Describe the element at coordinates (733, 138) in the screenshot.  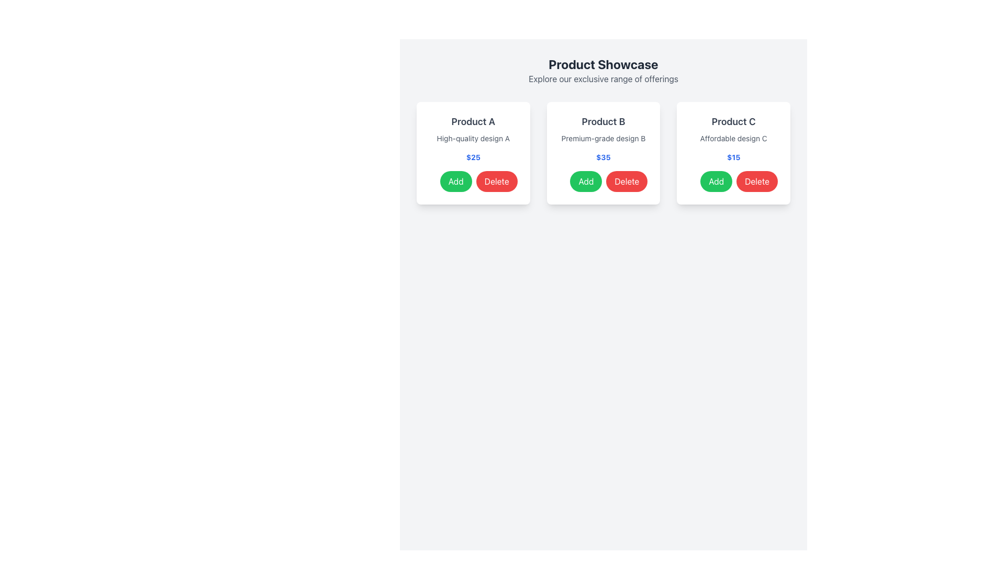
I see `the text label displaying 'Affordable design C', which is located beneath the title 'Product C' and above the price '$15' in the last product card on the right` at that location.